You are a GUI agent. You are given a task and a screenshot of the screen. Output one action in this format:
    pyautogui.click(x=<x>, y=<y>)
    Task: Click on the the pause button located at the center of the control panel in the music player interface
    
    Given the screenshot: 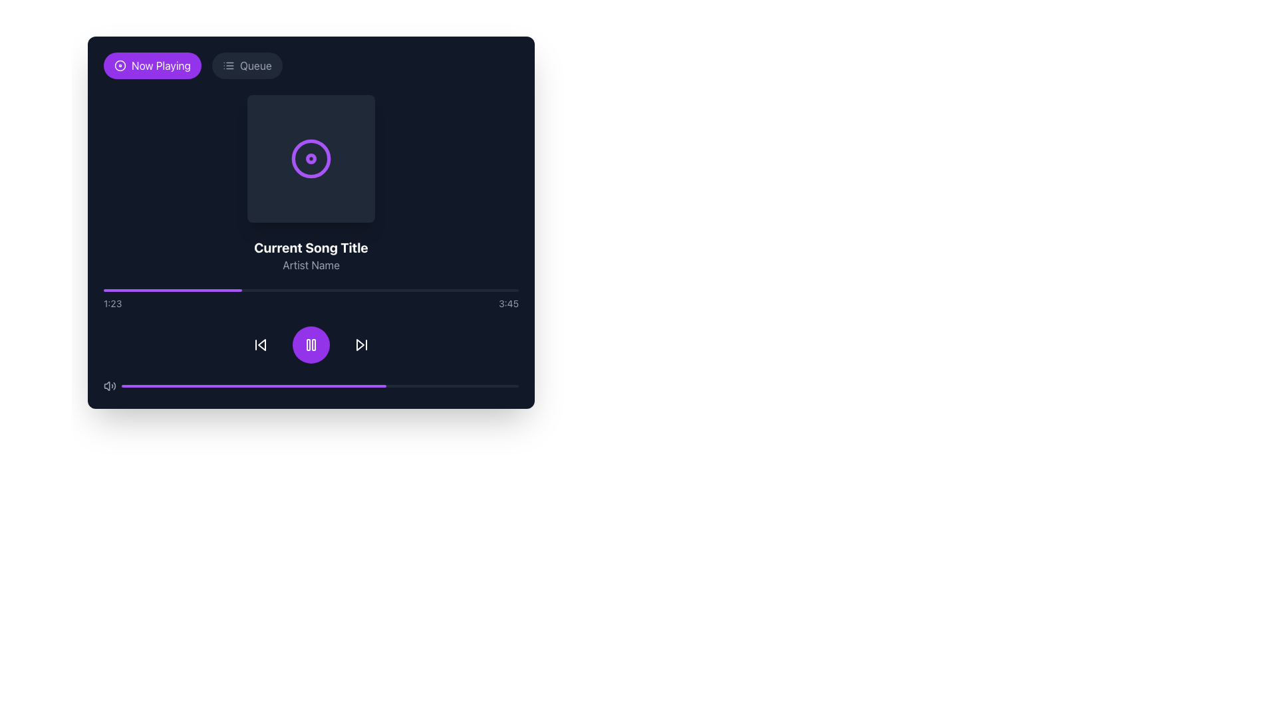 What is the action you would take?
    pyautogui.click(x=310, y=344)
    